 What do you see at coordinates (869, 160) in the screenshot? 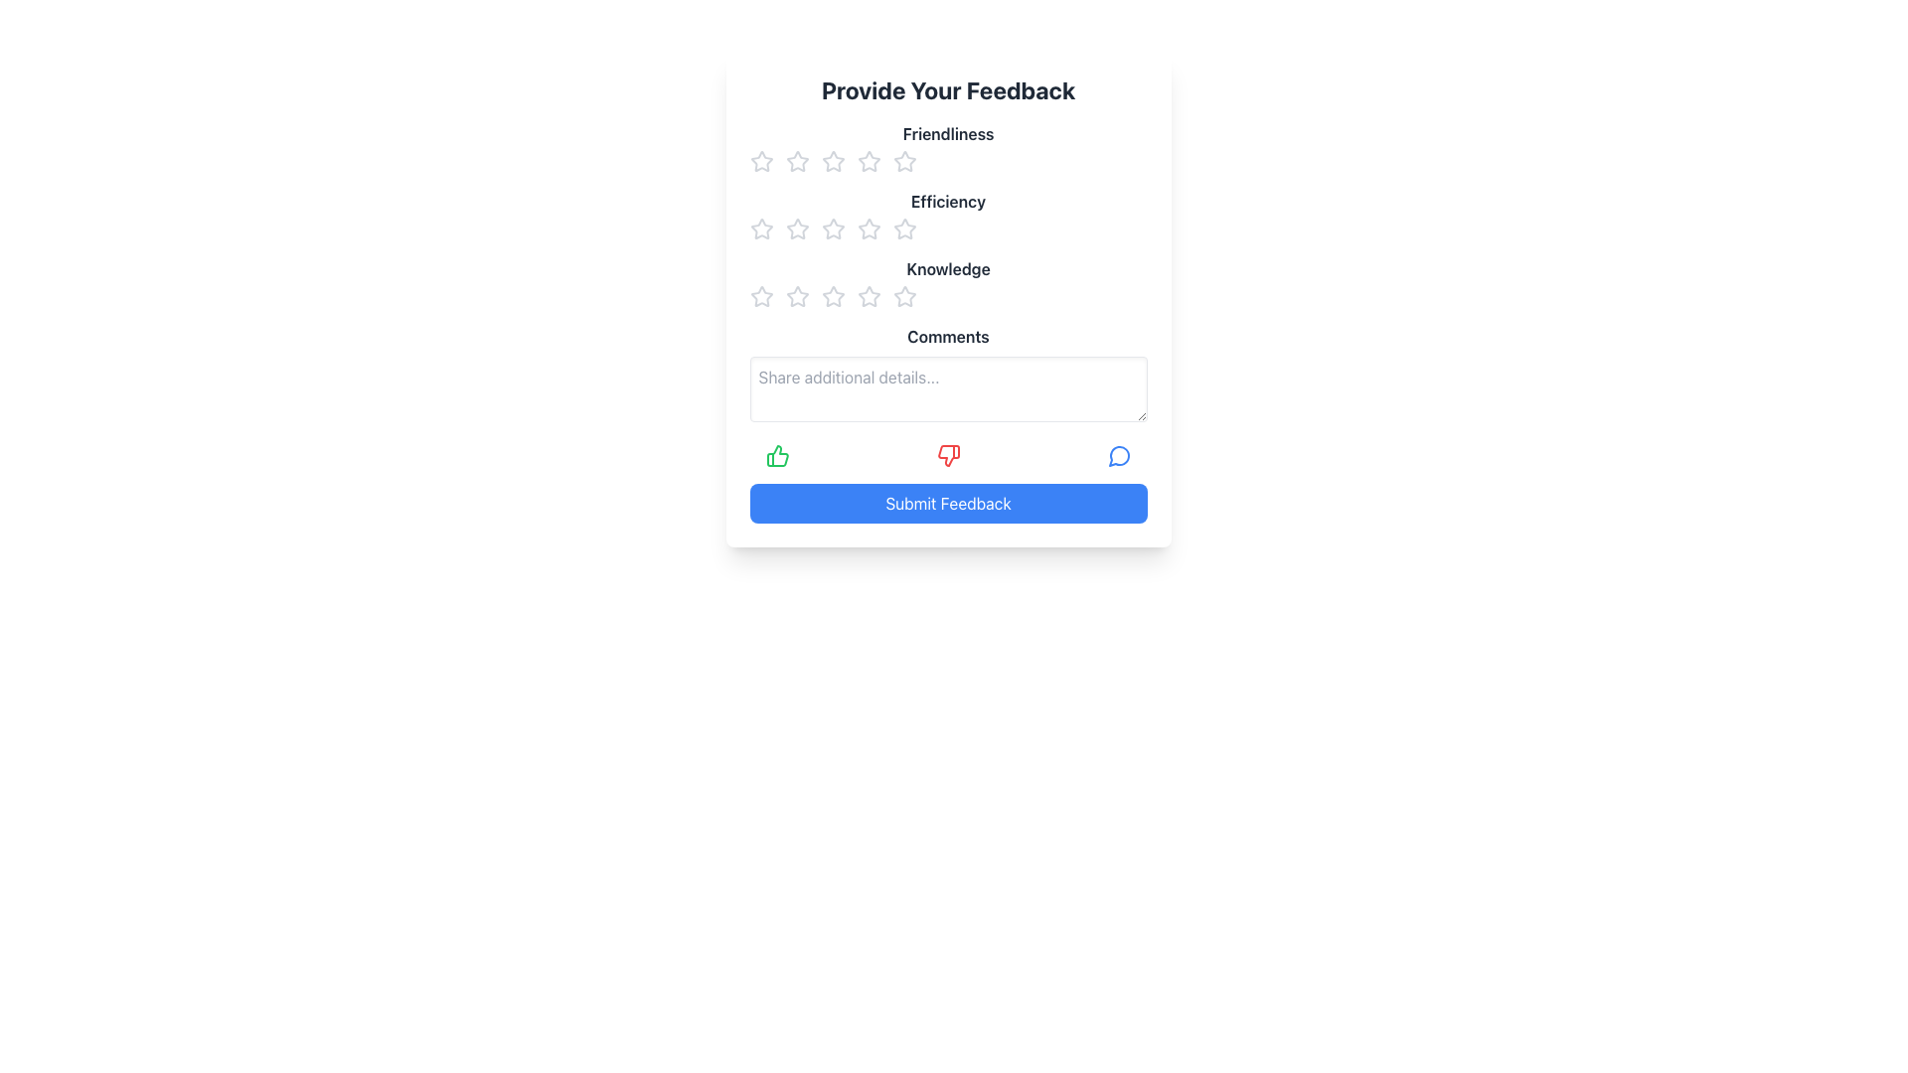
I see `the third star icon in the rating section, styled in light gray to indicate its inactive state, located under the 'Friendliness' category of the feedback form` at bounding box center [869, 160].